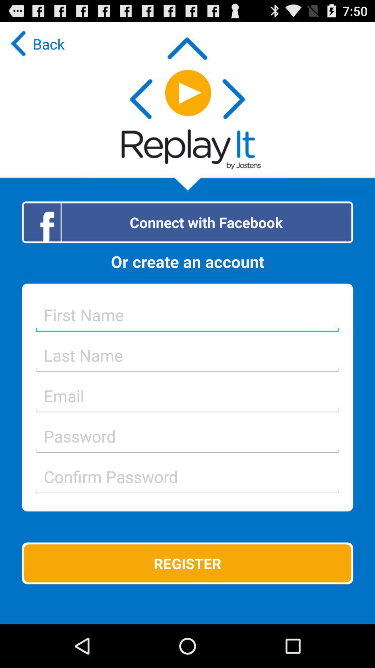  I want to click on the first name, so click(187, 314).